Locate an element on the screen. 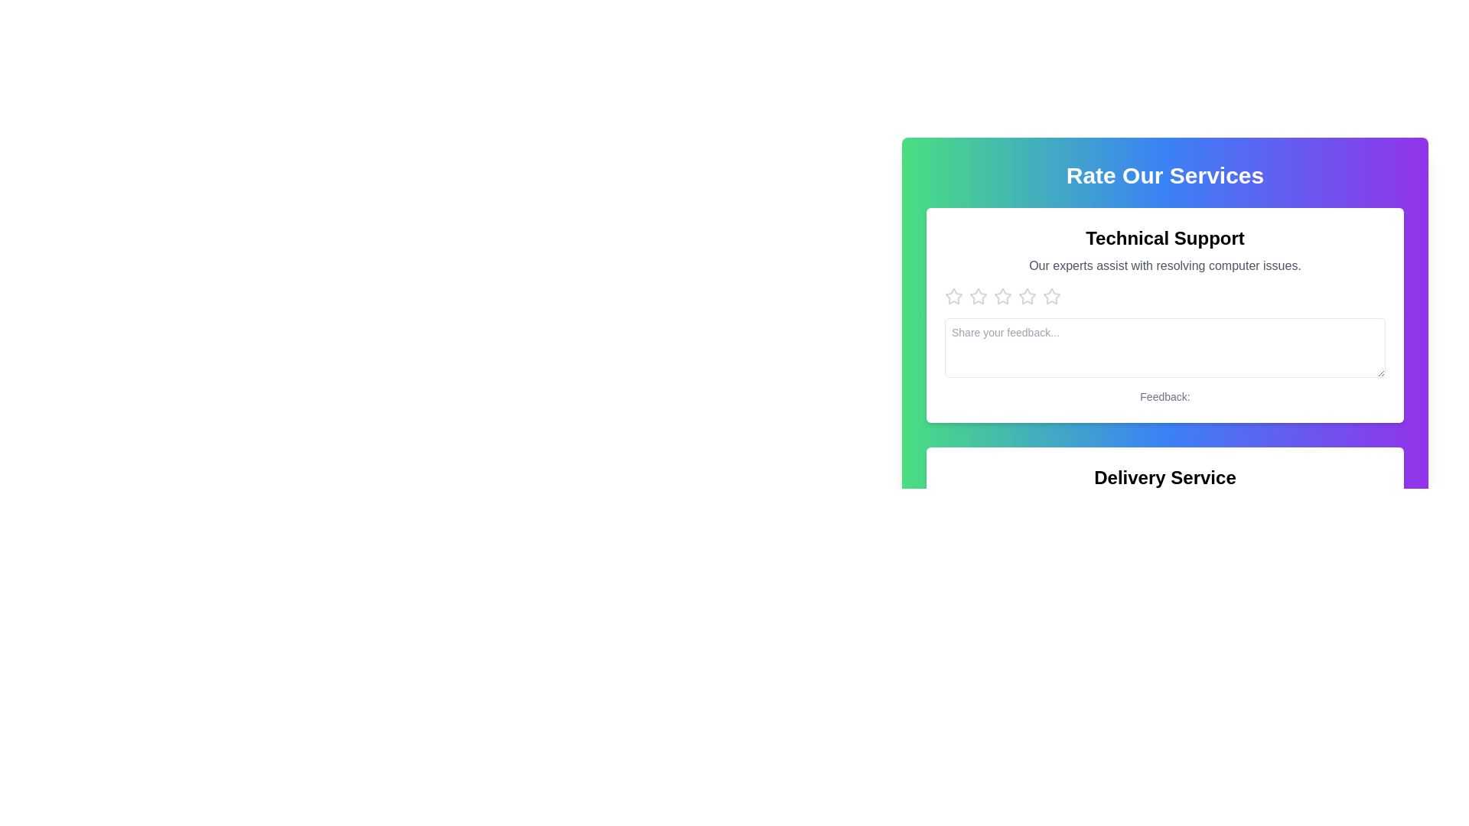 The image size is (1469, 826). the second star icon is located at coordinates (977, 297).